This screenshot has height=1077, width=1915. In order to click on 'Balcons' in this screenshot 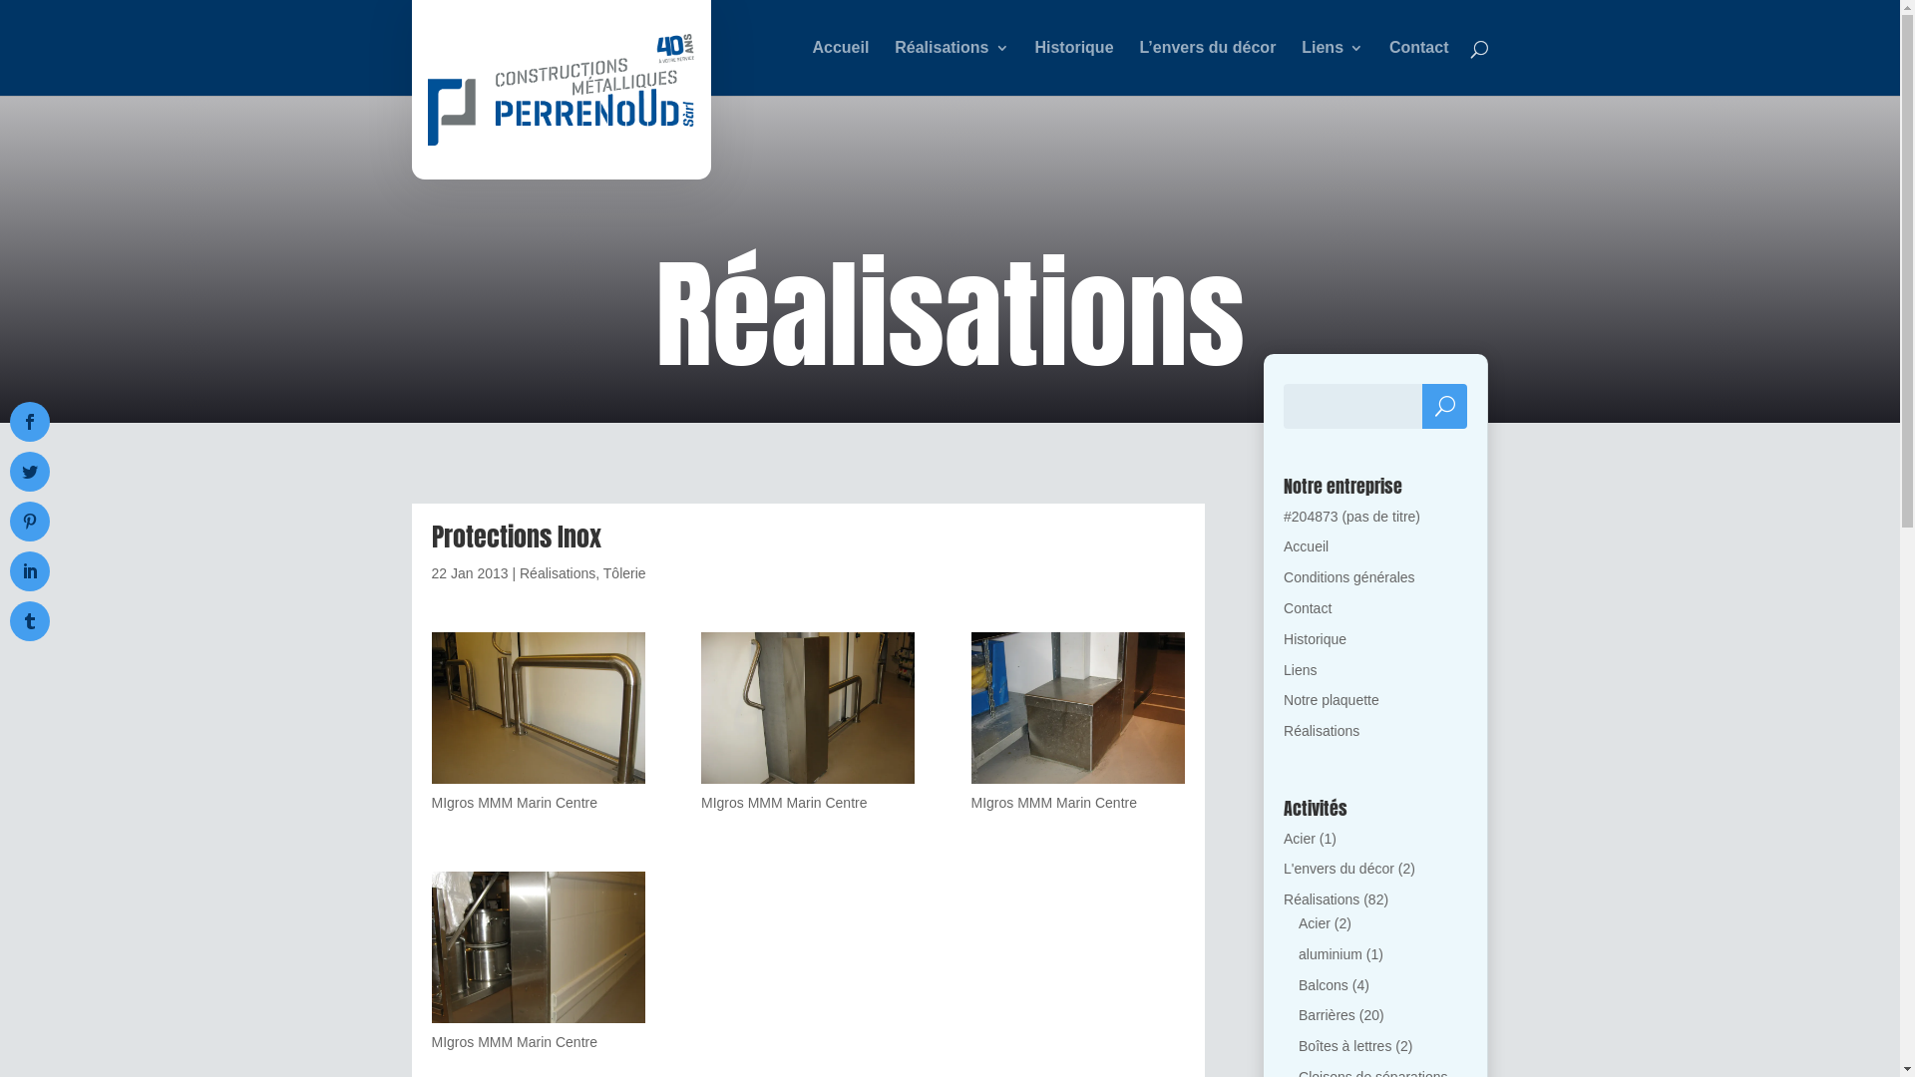, I will do `click(1323, 983)`.